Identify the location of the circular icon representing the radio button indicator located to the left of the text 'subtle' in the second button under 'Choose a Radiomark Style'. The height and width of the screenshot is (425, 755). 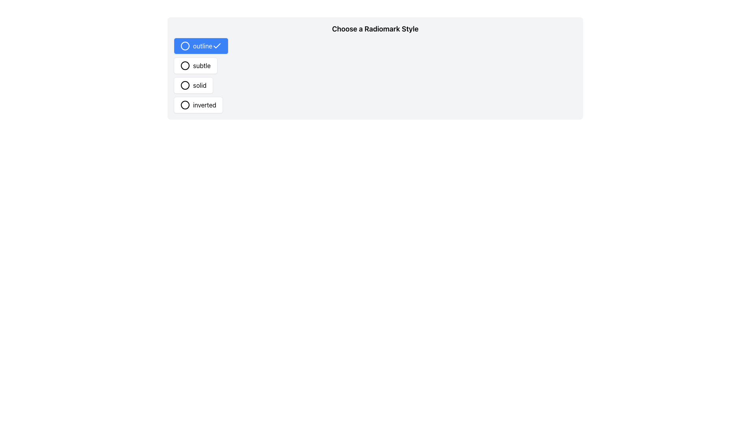
(184, 65).